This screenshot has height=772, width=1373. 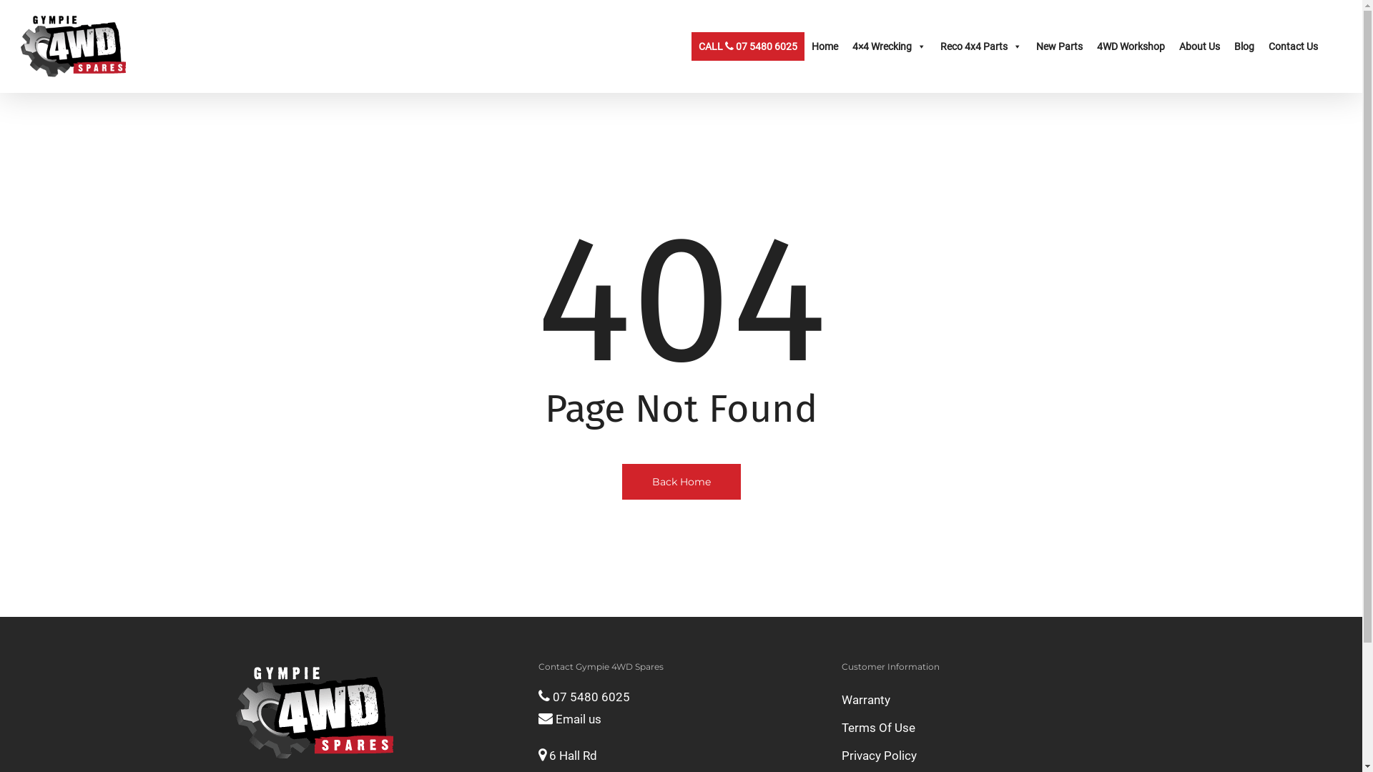 I want to click on 'Back Home', so click(x=681, y=480).